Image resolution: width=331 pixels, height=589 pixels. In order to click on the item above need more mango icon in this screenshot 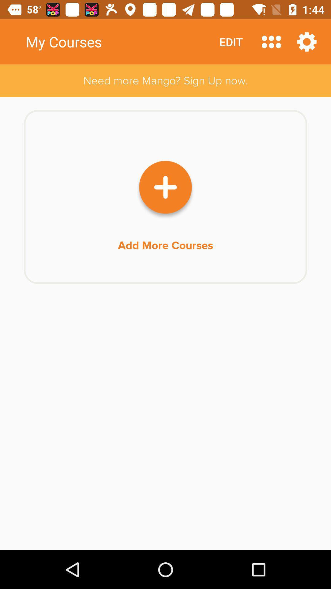, I will do `click(271, 41)`.